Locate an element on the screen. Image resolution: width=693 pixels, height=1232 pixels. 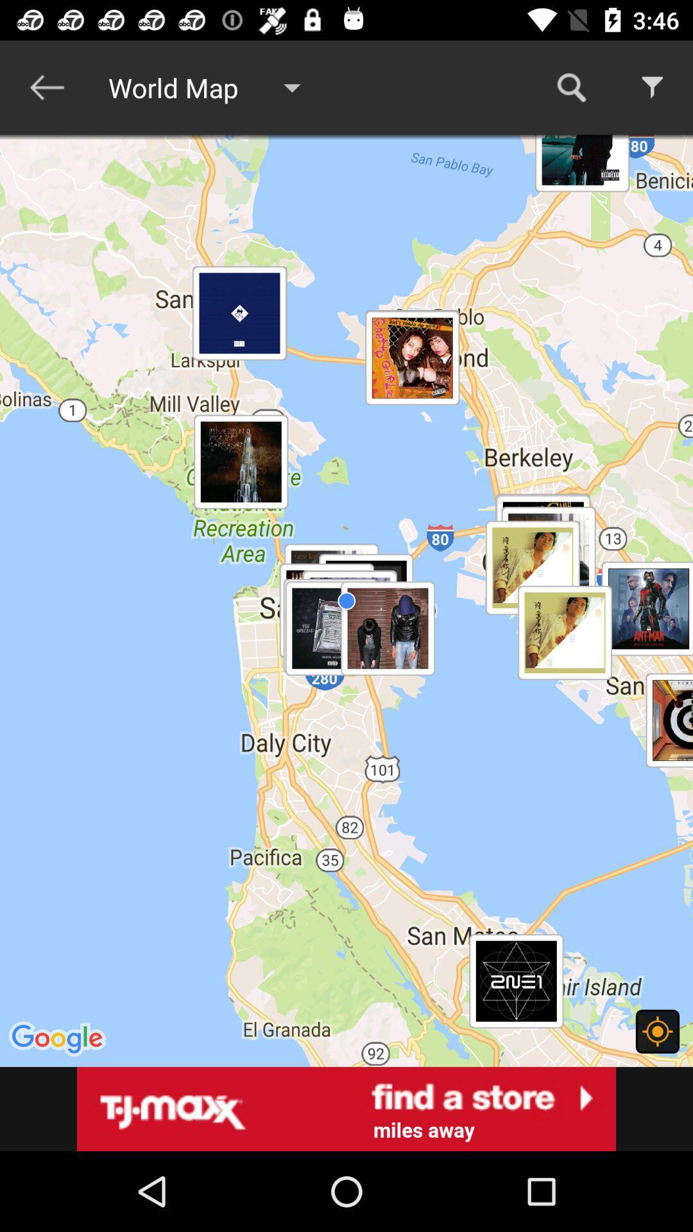
show my current location is located at coordinates (657, 1031).